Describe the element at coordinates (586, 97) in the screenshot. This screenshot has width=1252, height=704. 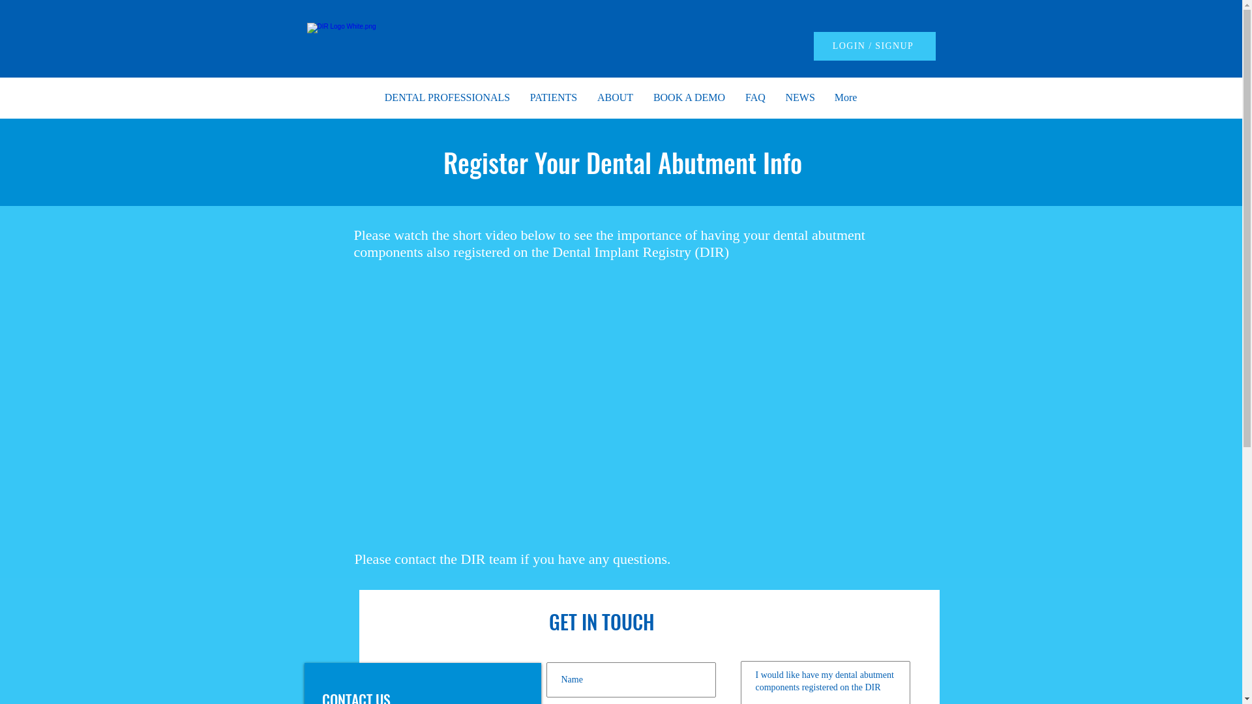
I see `'ABOUT'` at that location.